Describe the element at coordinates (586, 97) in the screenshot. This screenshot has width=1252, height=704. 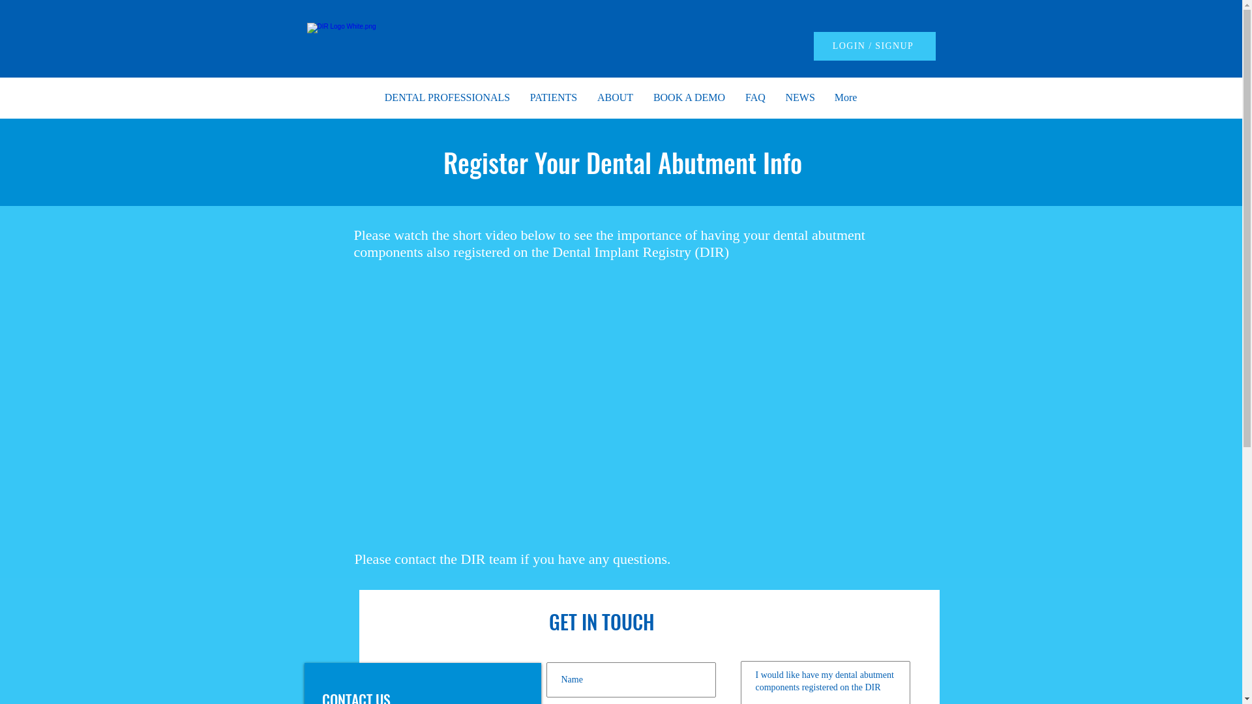
I see `'ABOUT'` at that location.